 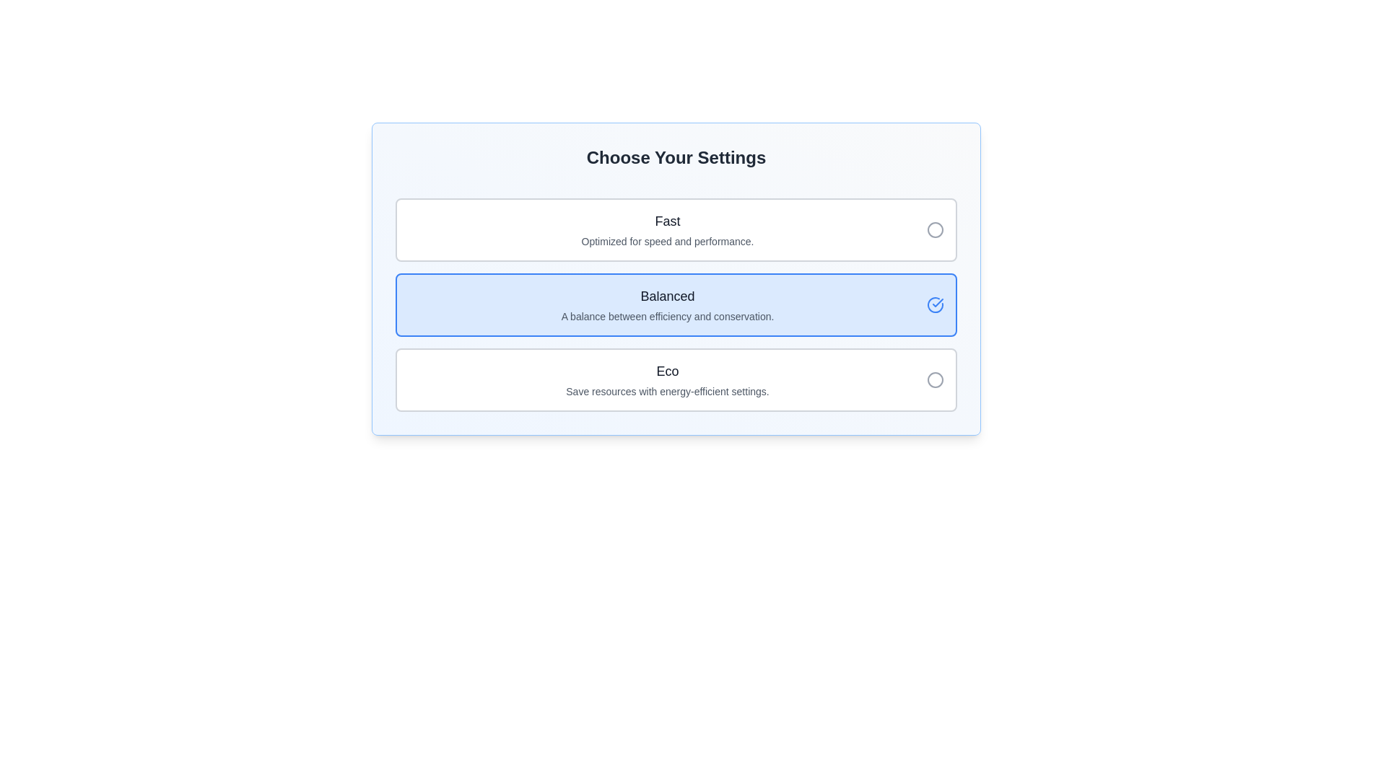 I want to click on the visual indicator that represents the 'Balanced' option currently selected, located to the far right of the 'Balanced' option in the list of three selectable options, so click(x=936, y=304).